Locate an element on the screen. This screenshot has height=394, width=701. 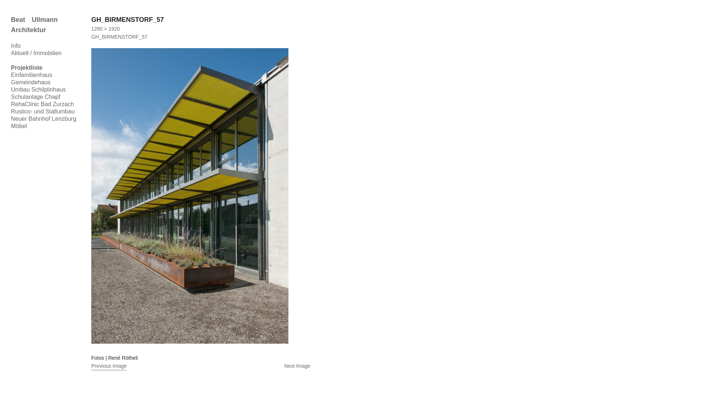
'Projektliste' is located at coordinates (26, 67).